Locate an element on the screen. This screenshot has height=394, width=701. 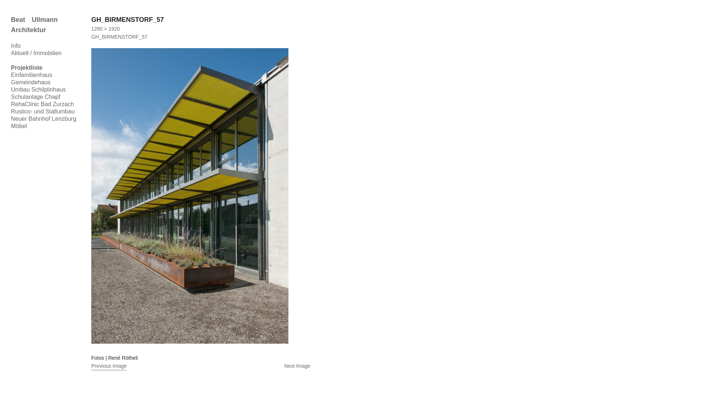
'Projektliste' is located at coordinates (26, 67).